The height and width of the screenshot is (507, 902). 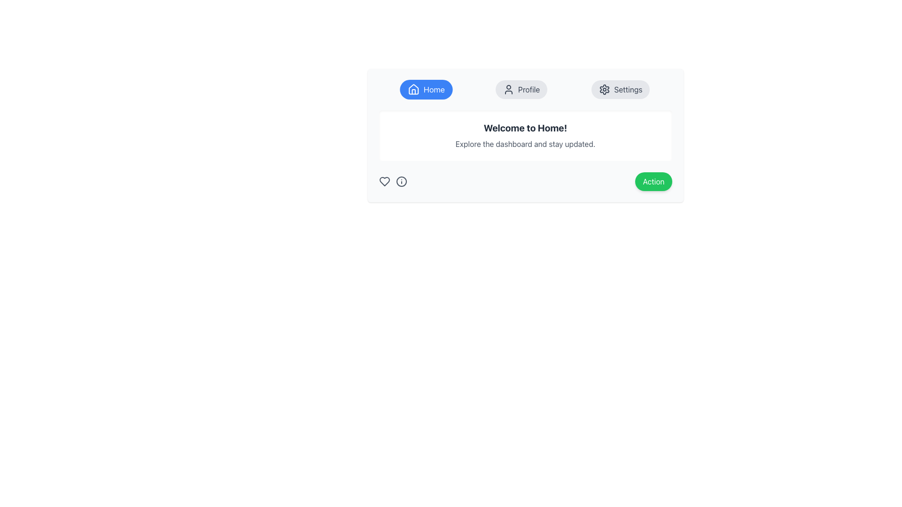 I want to click on the settings text label located at the end of the horizontal menu bar, so click(x=628, y=90).